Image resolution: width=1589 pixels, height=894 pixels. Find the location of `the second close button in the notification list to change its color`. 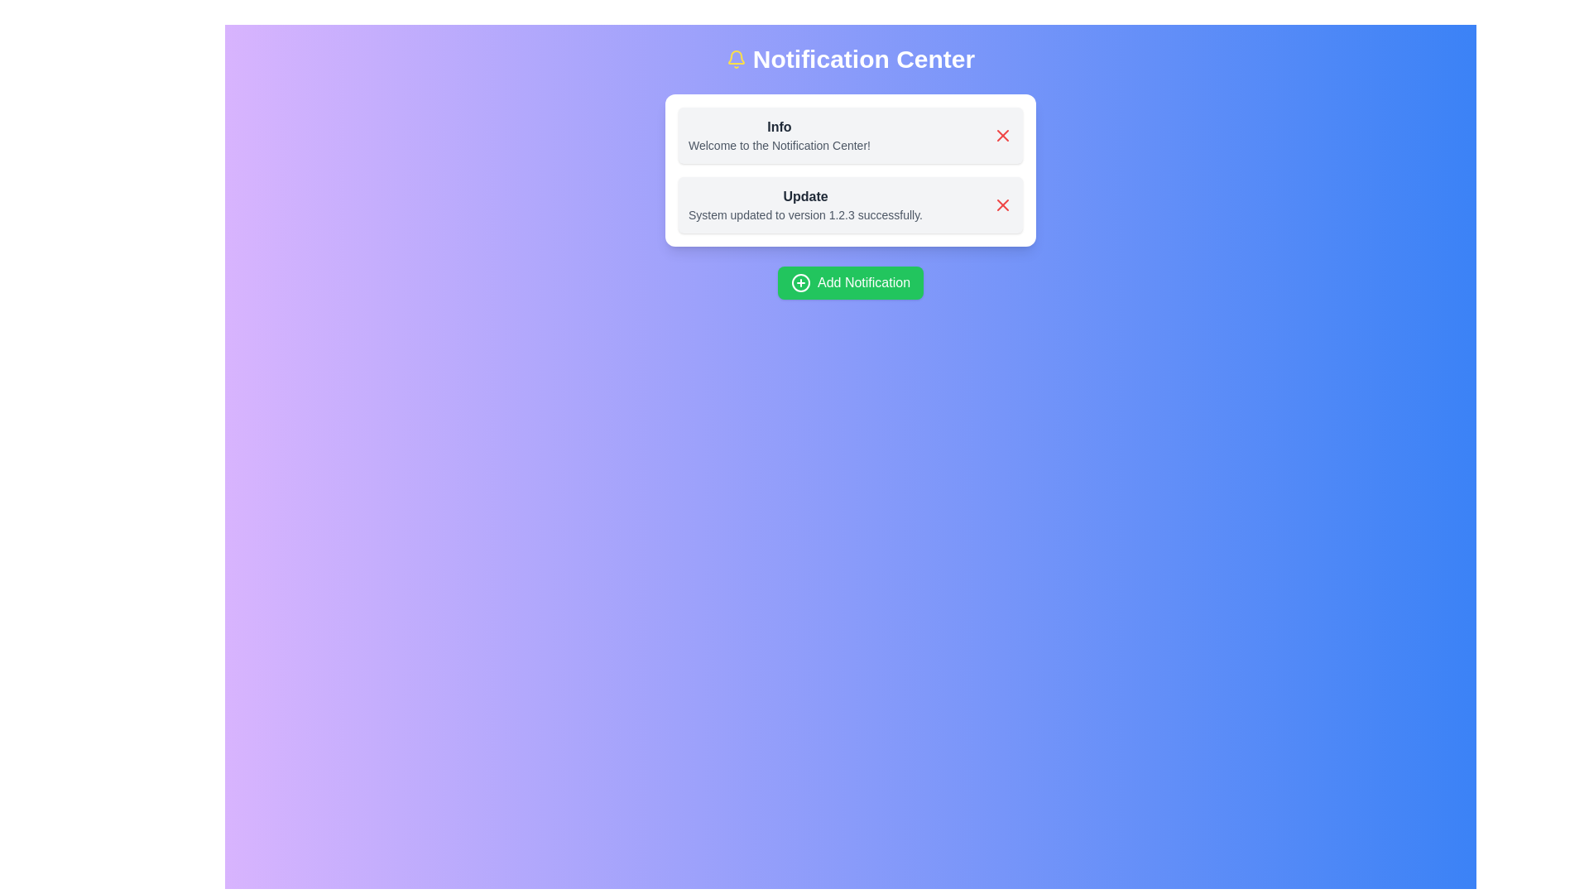

the second close button in the notification list to change its color is located at coordinates (1001, 204).